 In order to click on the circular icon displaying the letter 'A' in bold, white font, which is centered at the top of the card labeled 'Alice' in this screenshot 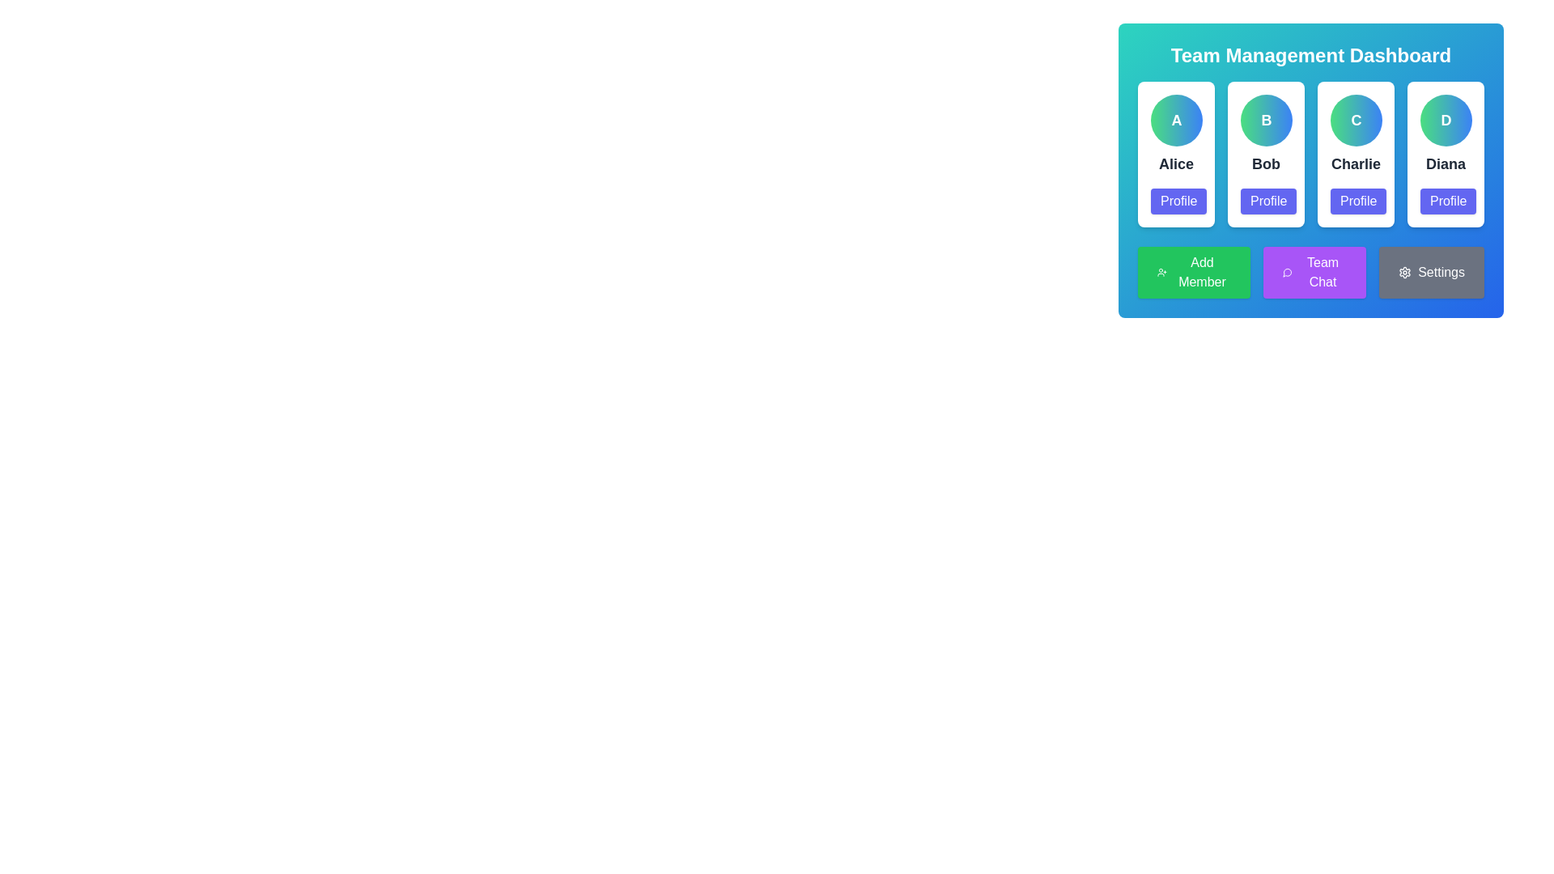, I will do `click(1177, 120)`.